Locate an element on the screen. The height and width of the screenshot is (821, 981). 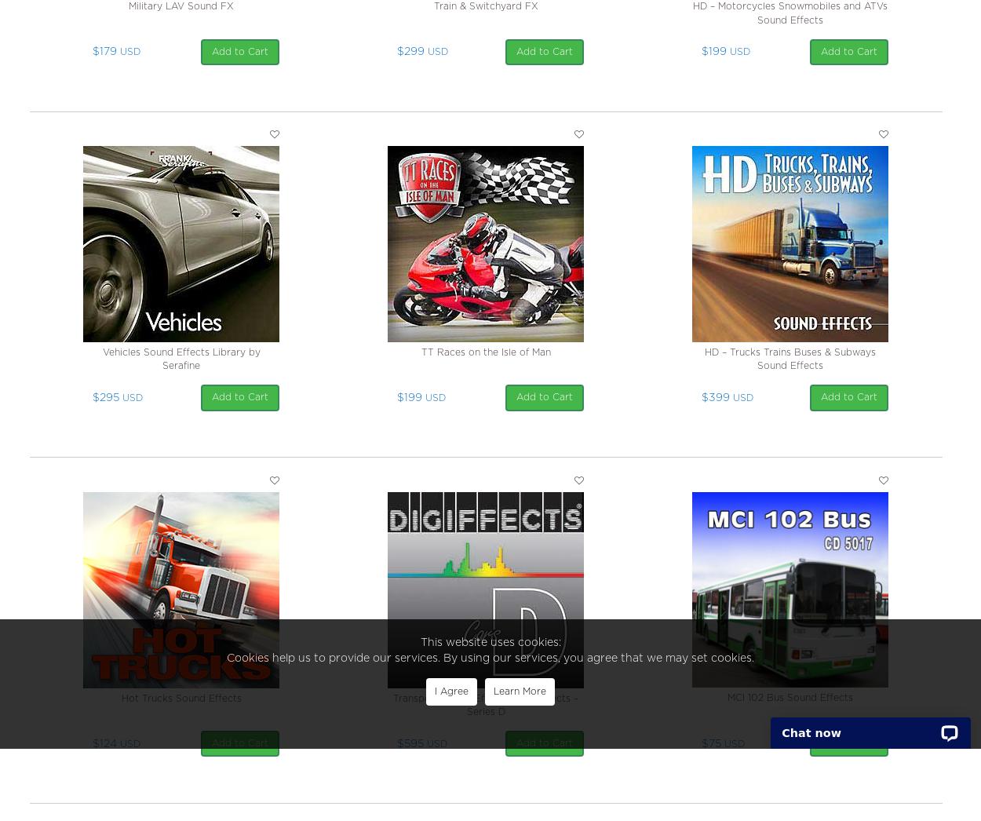
'Military LAV Sound FX' is located at coordinates (181, 5).